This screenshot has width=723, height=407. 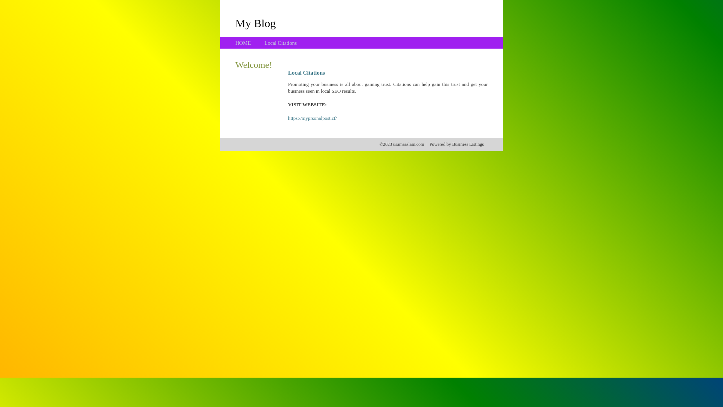 What do you see at coordinates (255, 23) in the screenshot?
I see `'My Blog'` at bounding box center [255, 23].